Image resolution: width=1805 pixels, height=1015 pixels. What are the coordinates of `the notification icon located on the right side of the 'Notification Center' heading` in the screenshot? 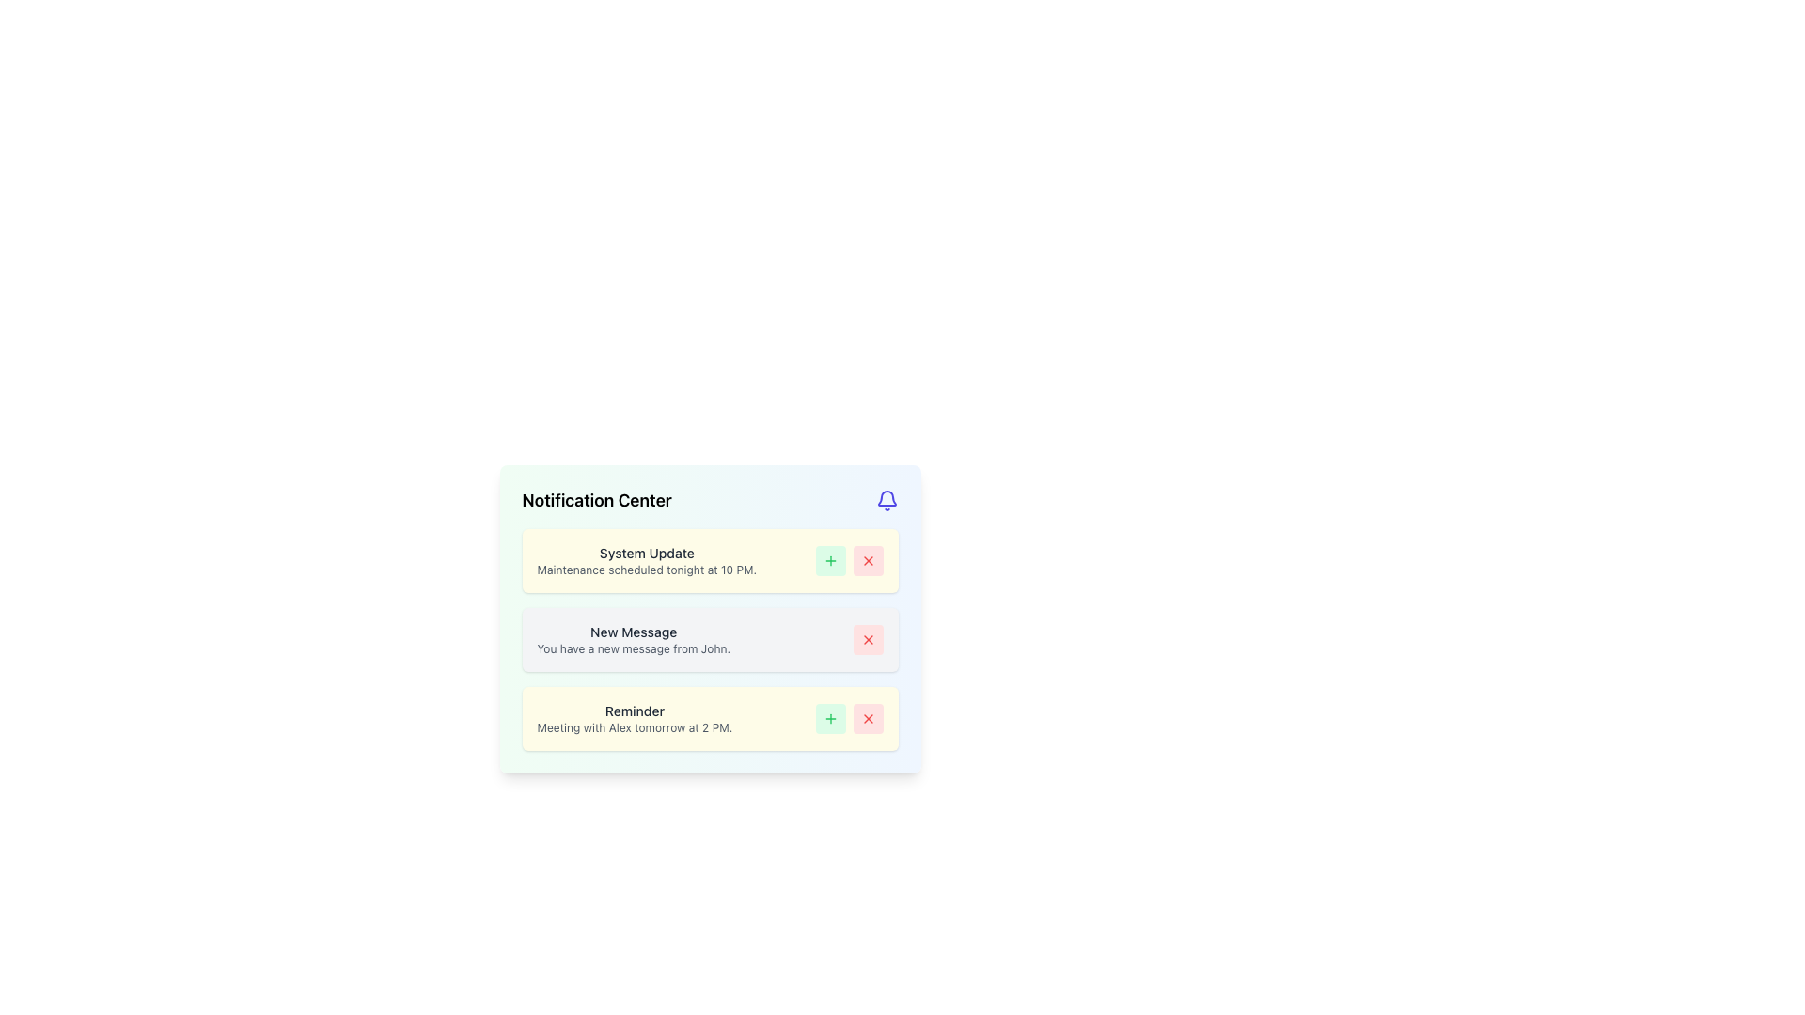 It's located at (886, 499).